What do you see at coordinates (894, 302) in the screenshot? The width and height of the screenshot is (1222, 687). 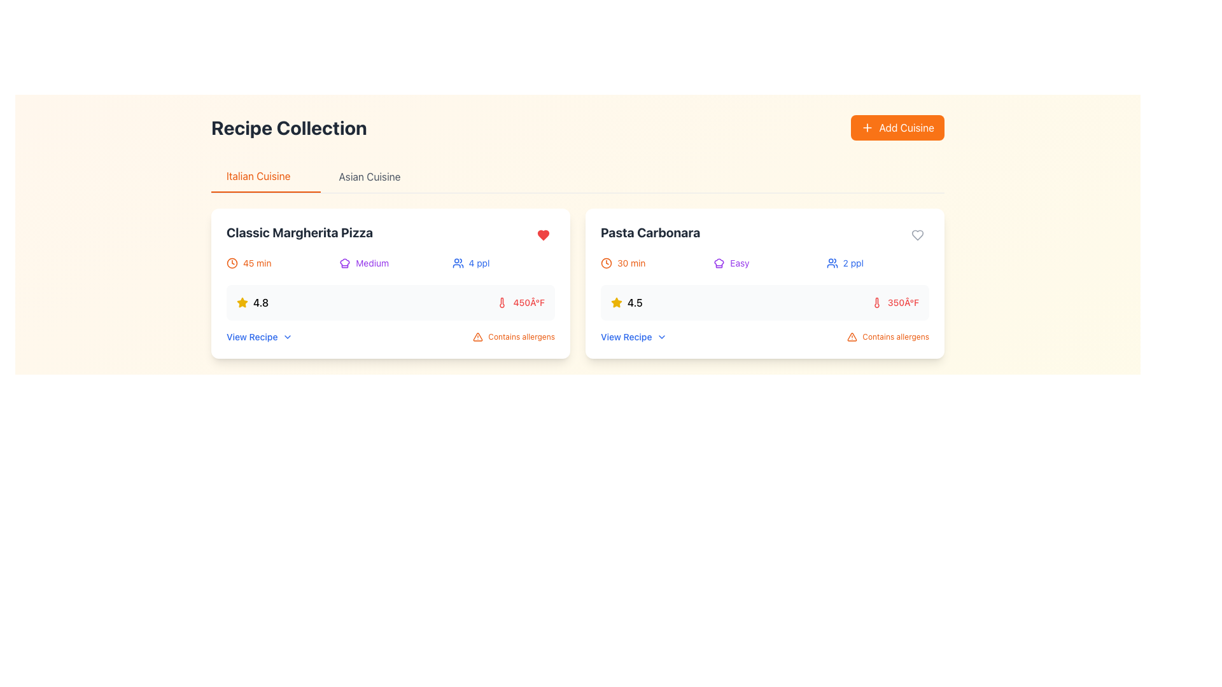 I see `temperature value displayed in the red text label that shows '350°F', located in the second recipe card under the 'Pasta Carbonara' section` at bounding box center [894, 302].